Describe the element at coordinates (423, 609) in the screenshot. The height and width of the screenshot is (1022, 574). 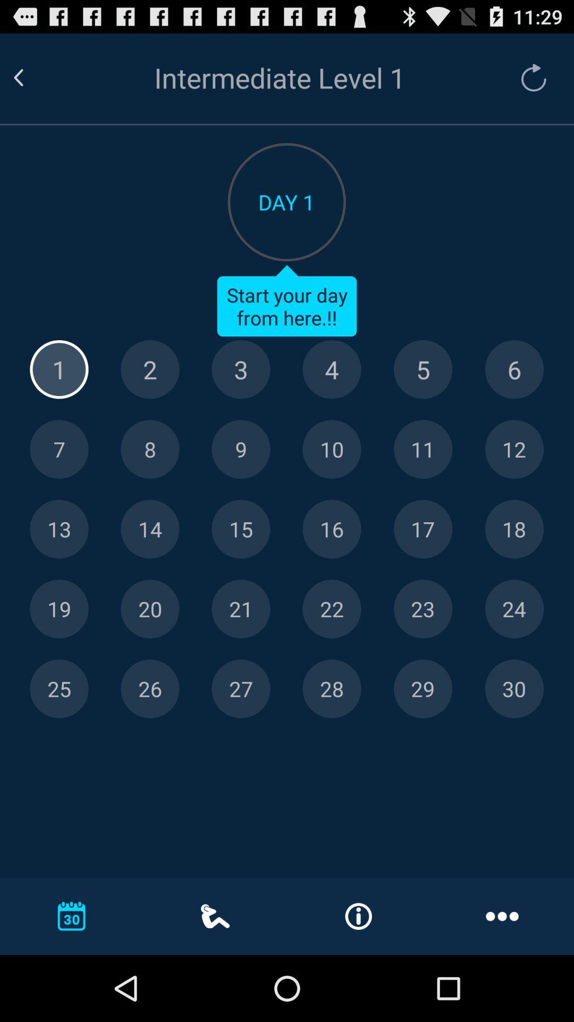
I see `day 23` at that location.